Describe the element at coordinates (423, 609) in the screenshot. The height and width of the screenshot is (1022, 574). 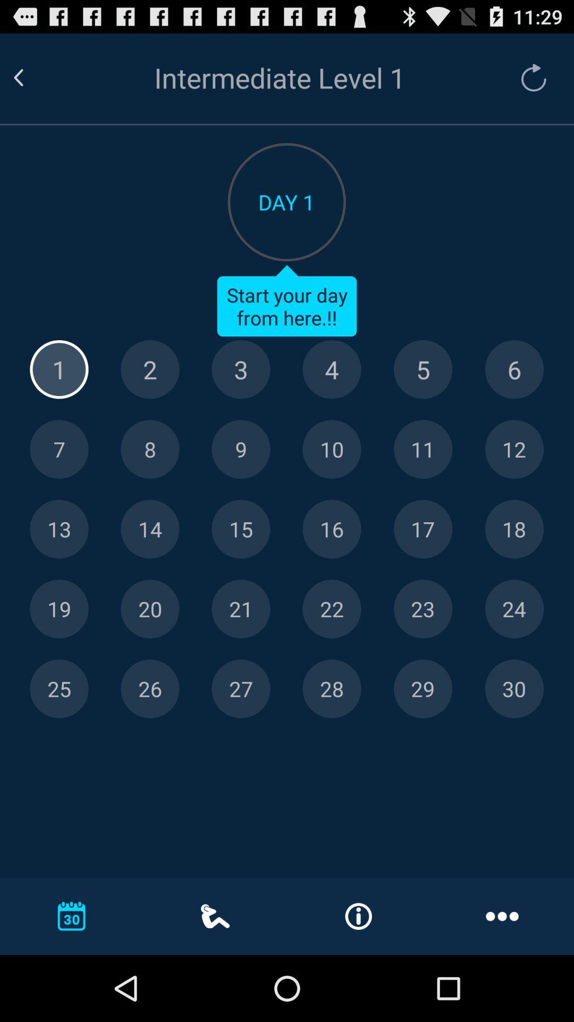
I see `day 23` at that location.